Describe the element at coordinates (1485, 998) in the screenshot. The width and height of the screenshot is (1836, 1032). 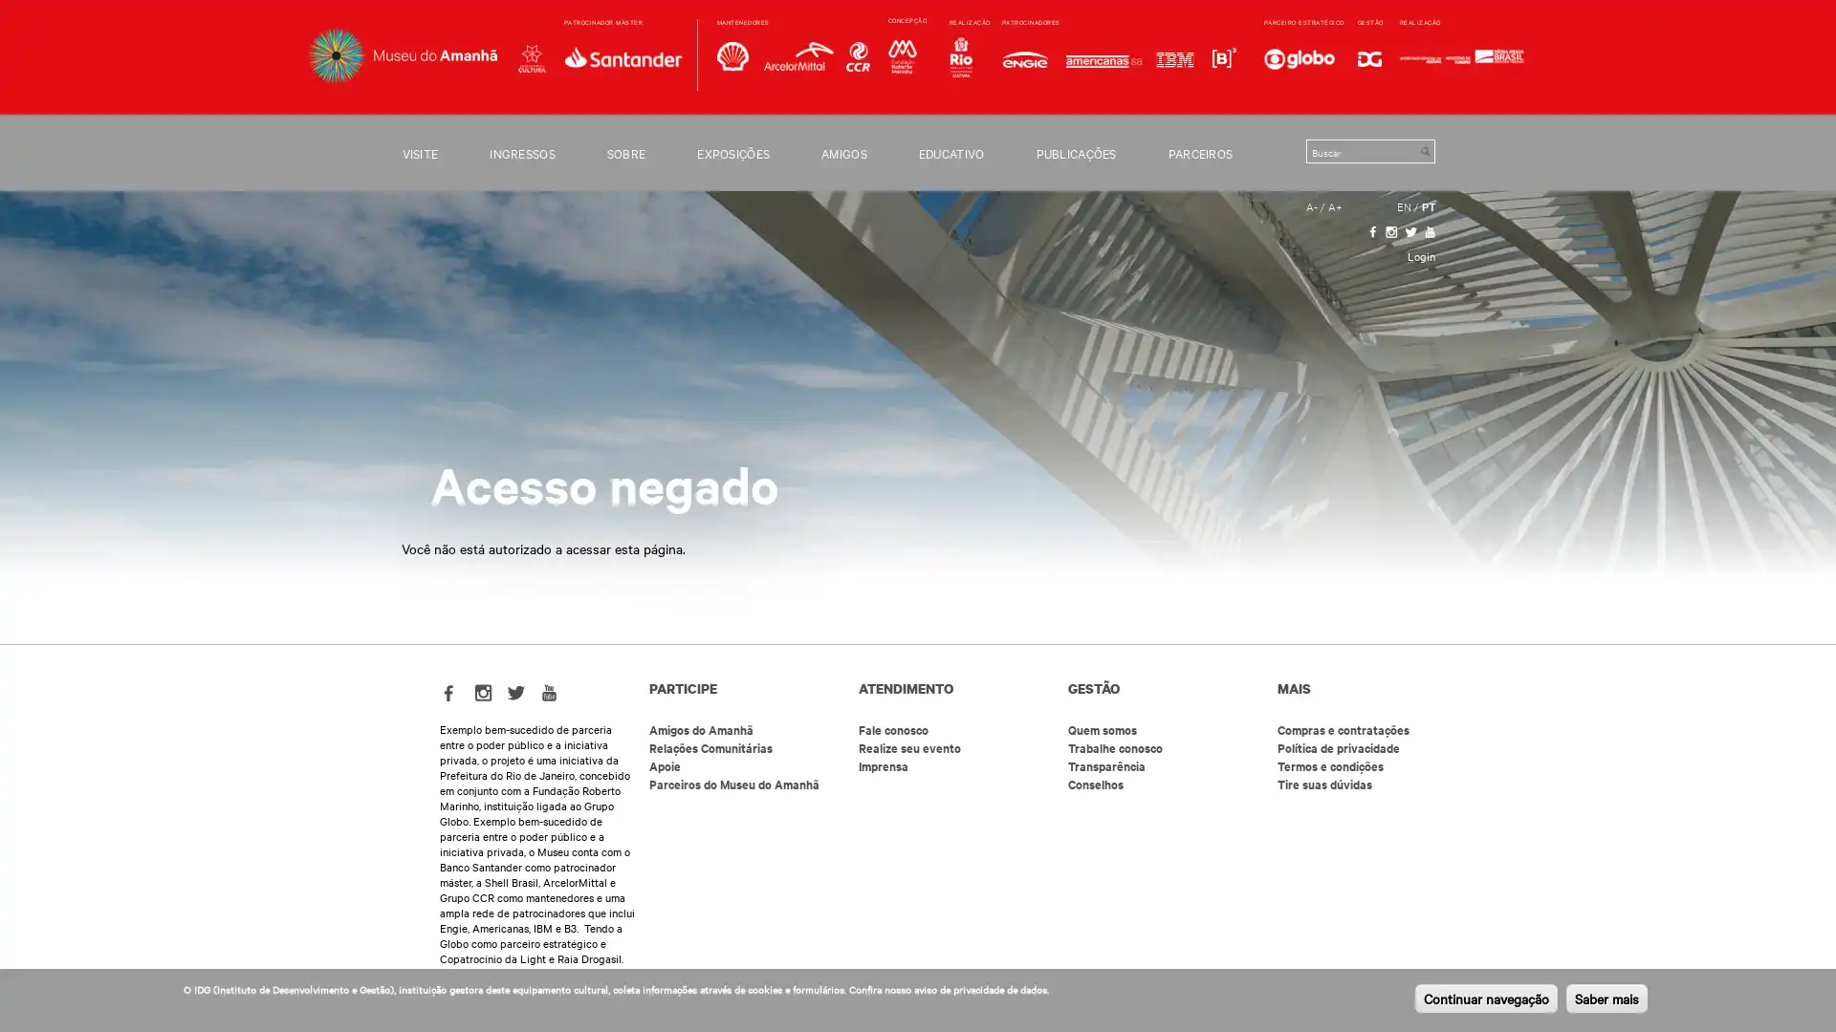
I see `Continuar navegacao` at that location.